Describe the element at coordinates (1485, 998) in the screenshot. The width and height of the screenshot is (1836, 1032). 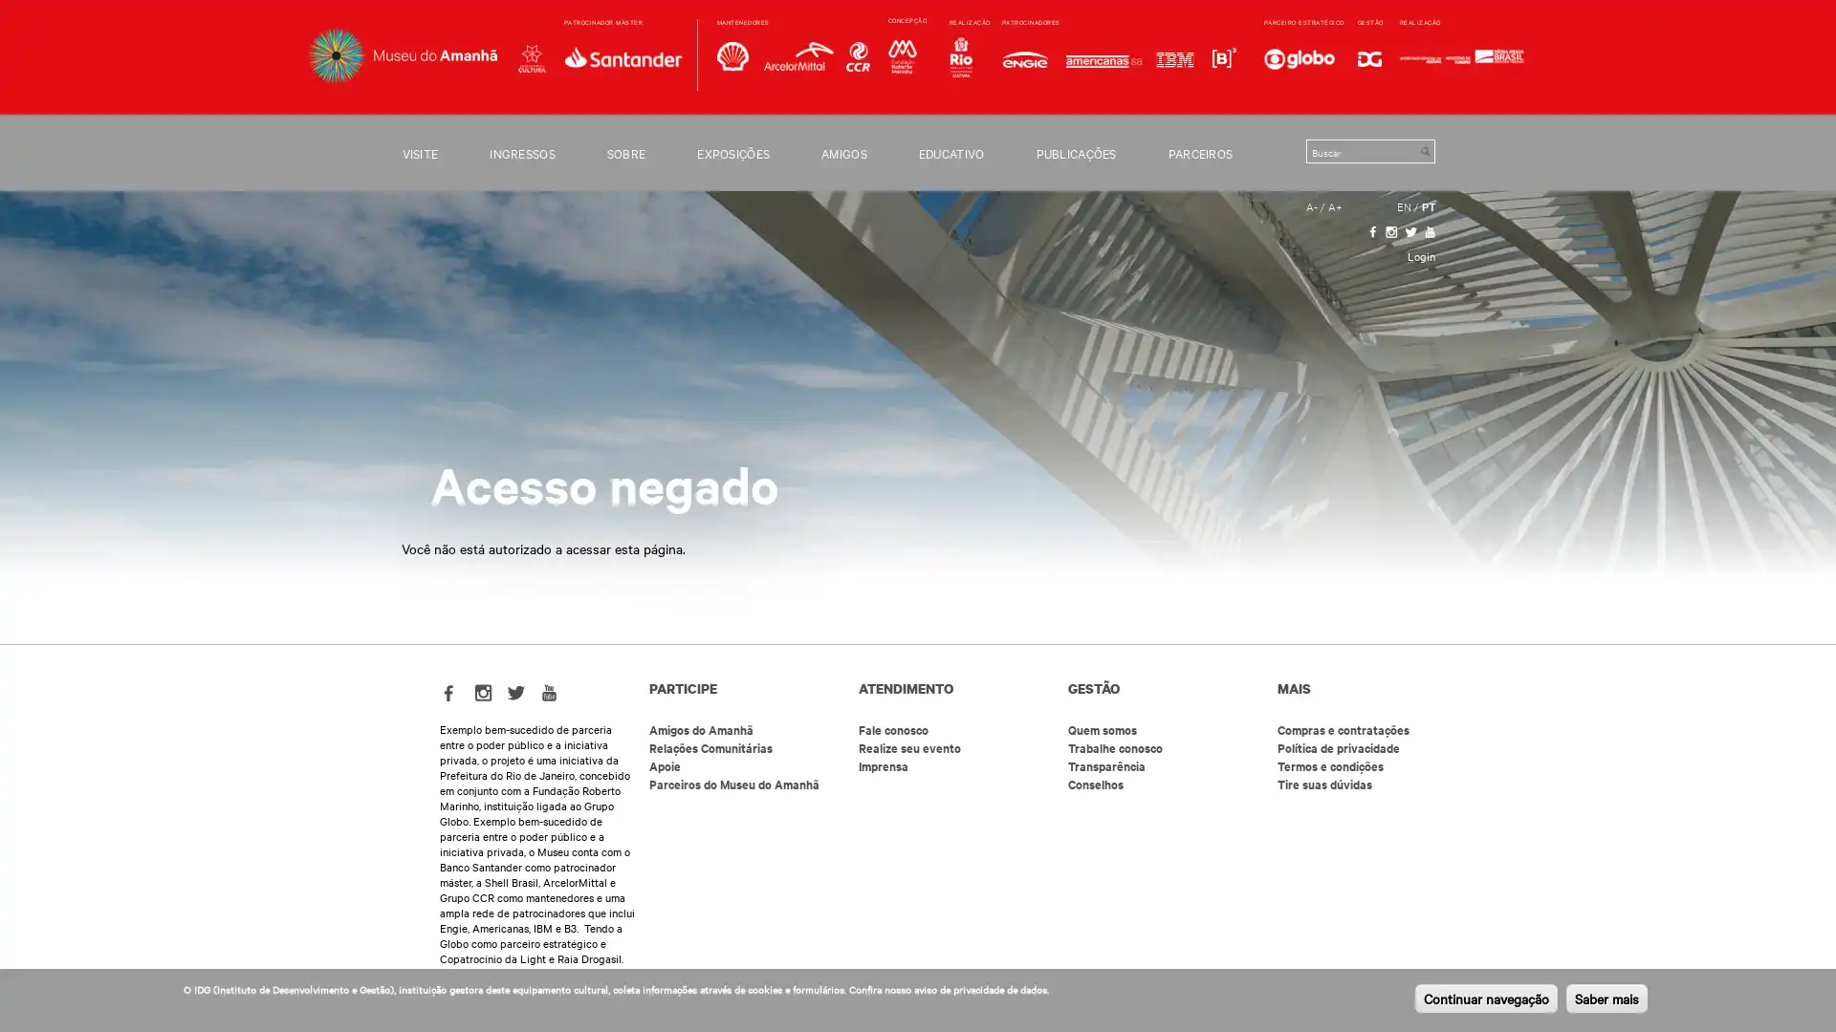
I see `Continuar navegacao` at that location.